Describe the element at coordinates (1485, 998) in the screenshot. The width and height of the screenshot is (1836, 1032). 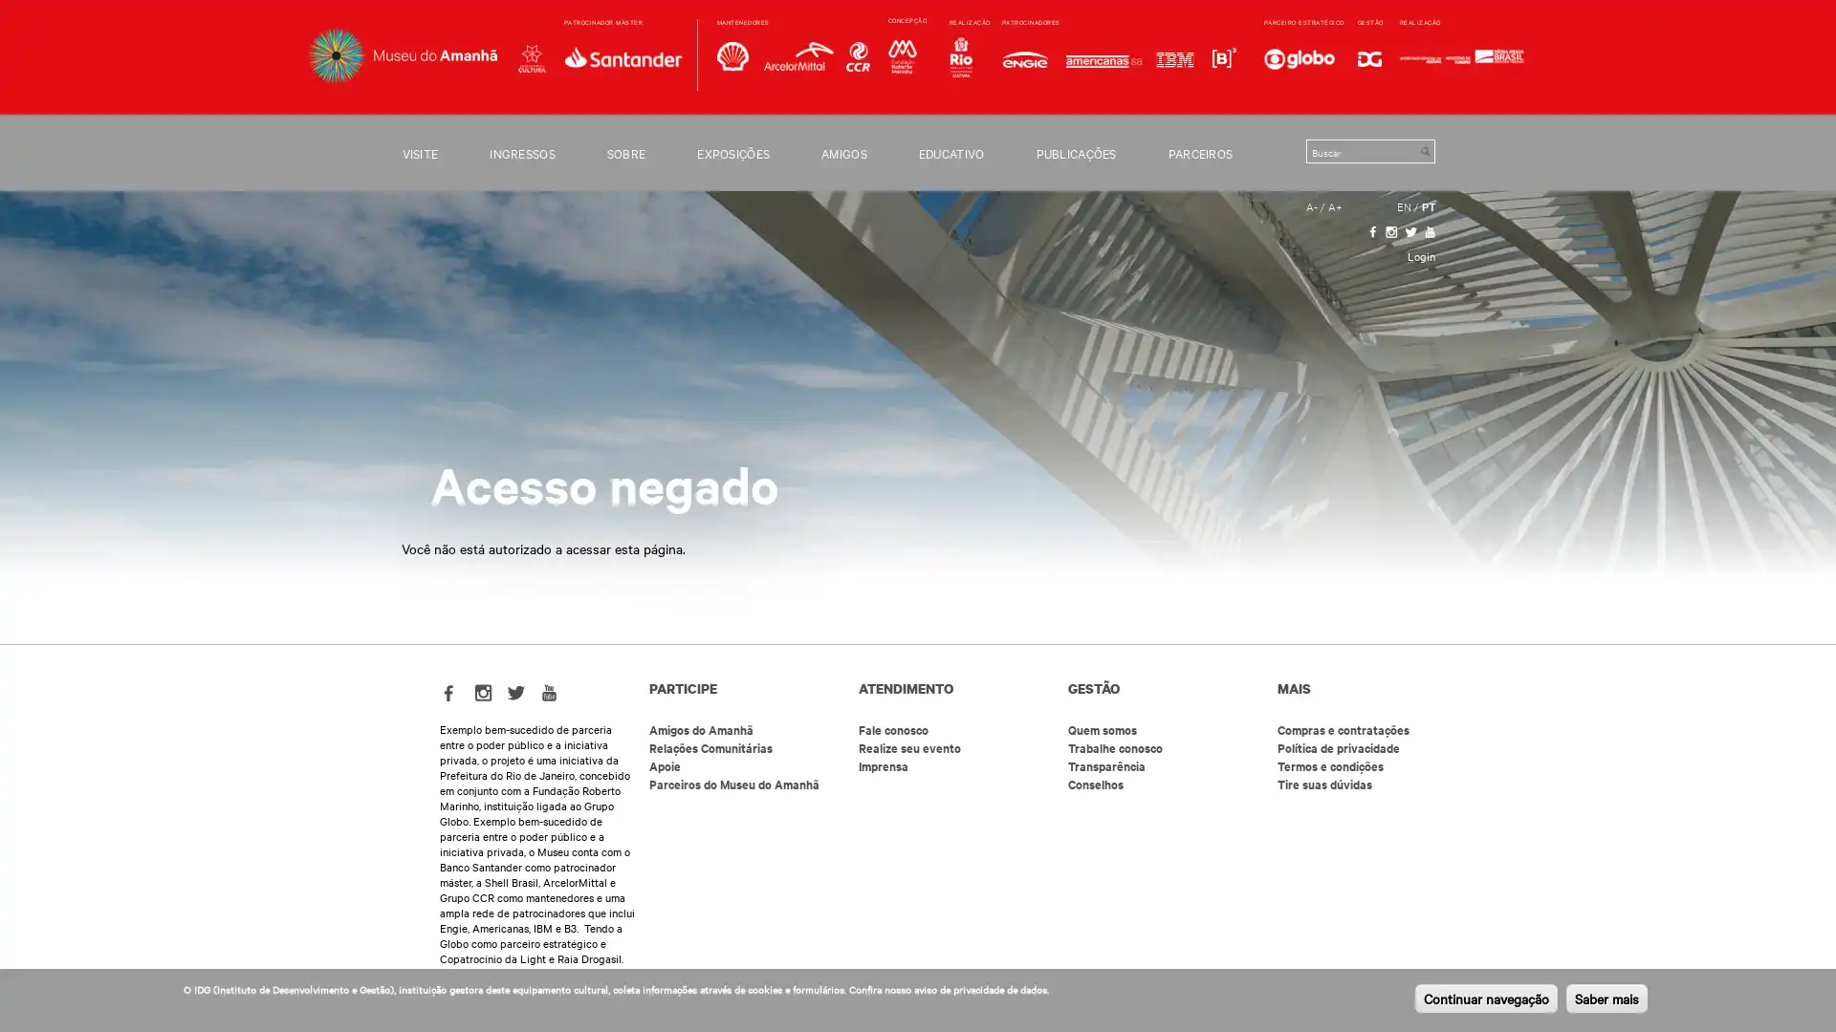
I see `Continuar navegacao` at that location.